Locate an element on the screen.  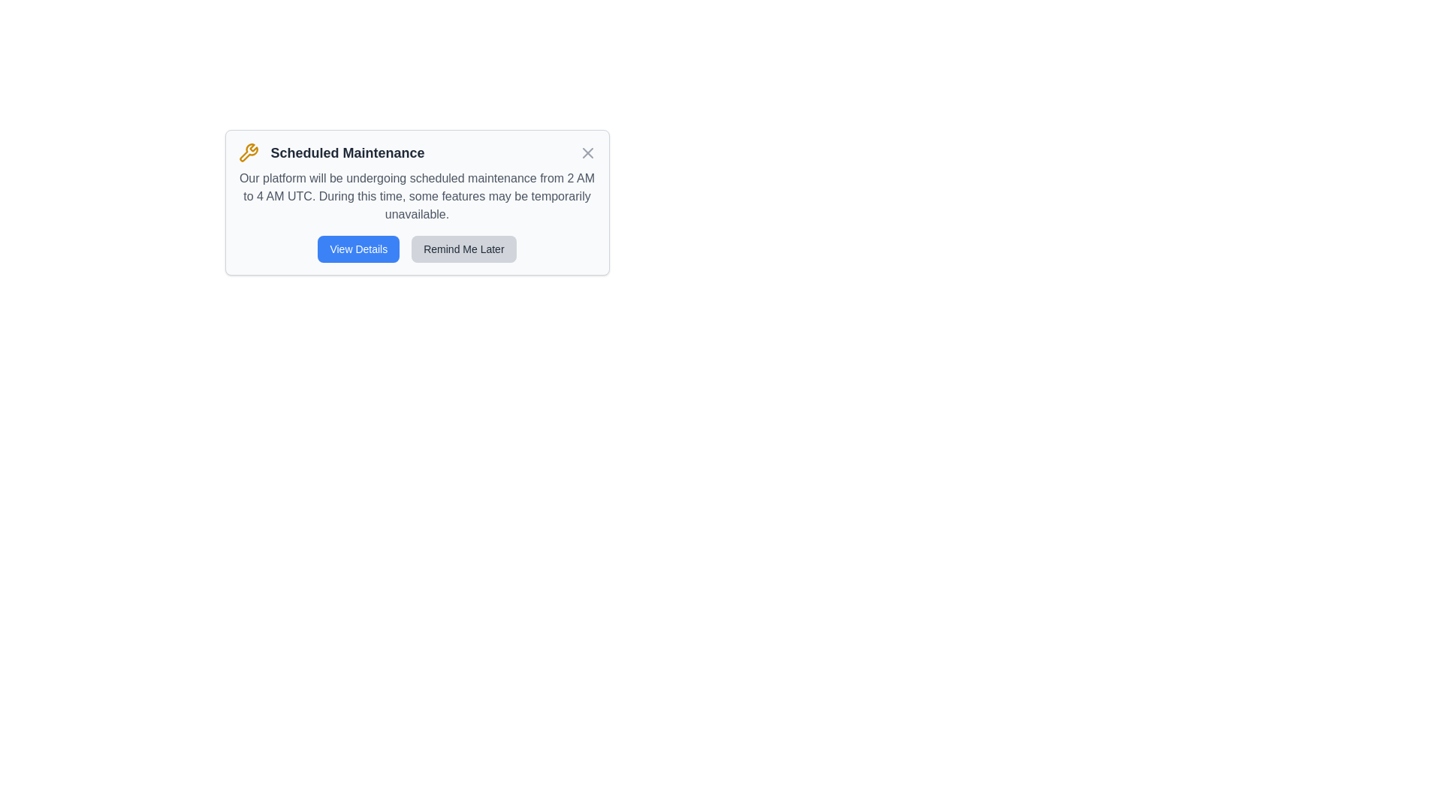
the 'View Details' button to view more information is located at coordinates (357, 248).